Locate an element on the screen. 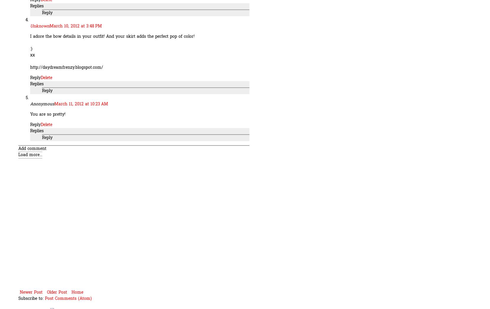 The height and width of the screenshot is (309, 490). 'Home' is located at coordinates (77, 292).